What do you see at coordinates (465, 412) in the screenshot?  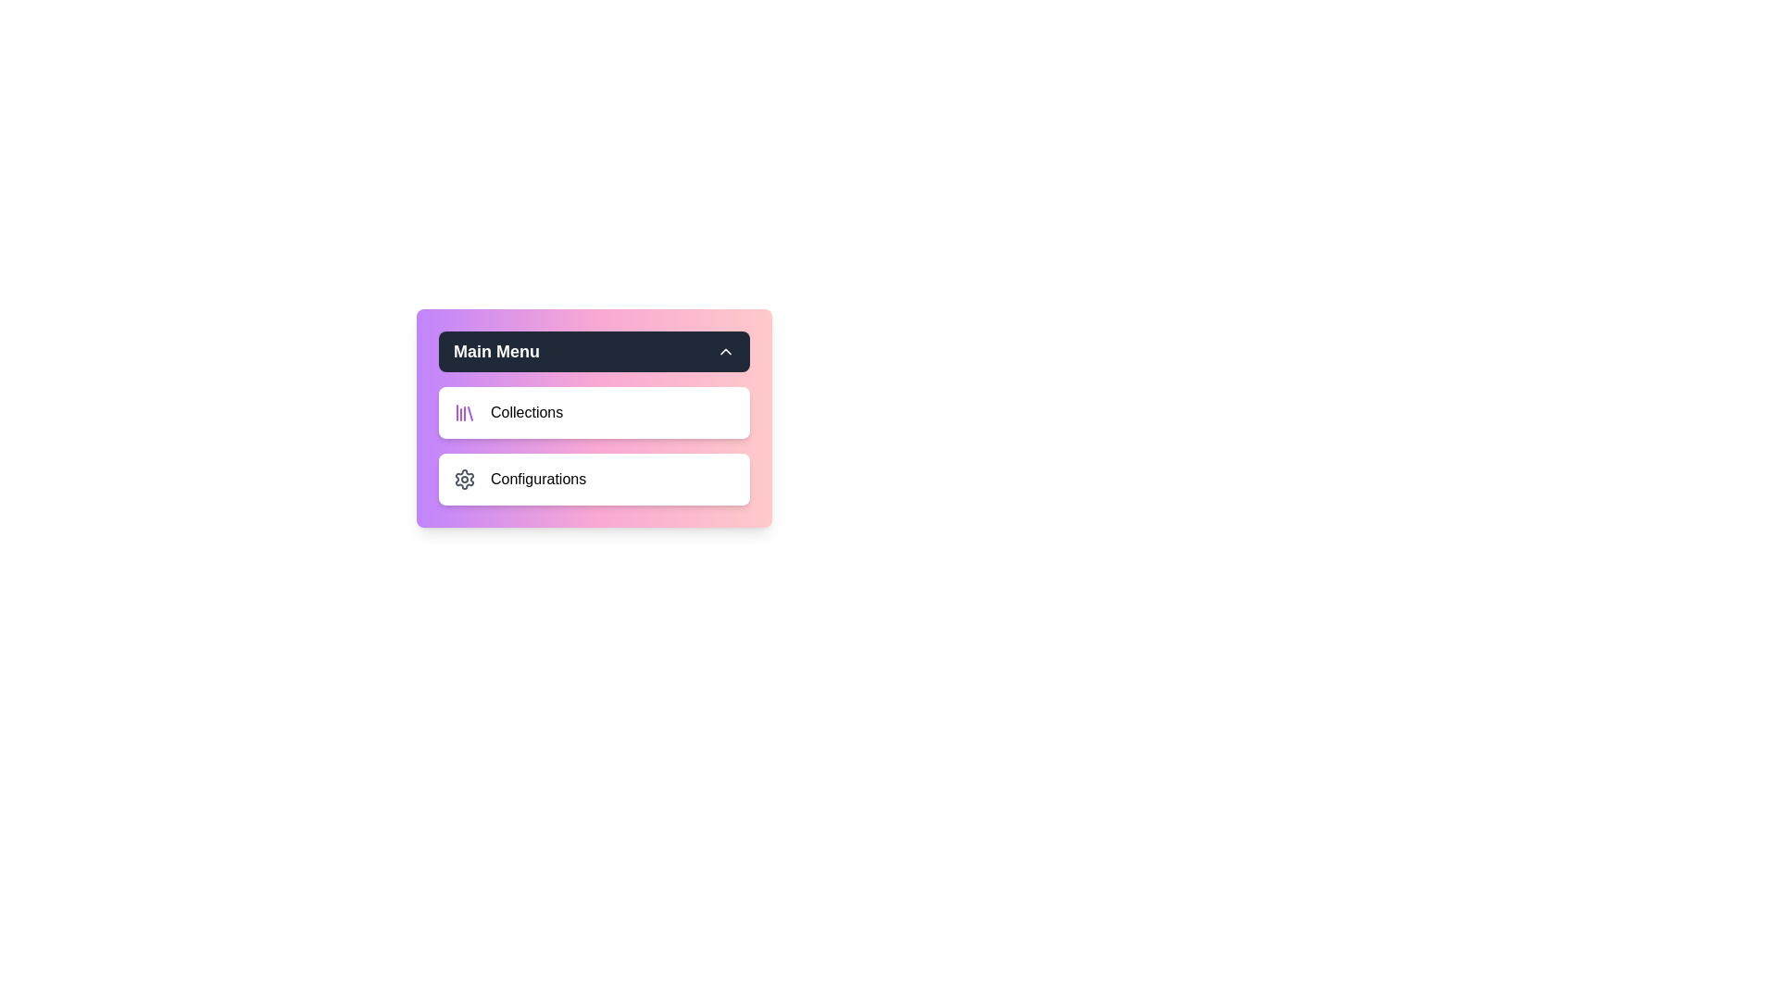 I see `the purple bar graph icon located next to the 'Collections' menu option on the left side` at bounding box center [465, 412].